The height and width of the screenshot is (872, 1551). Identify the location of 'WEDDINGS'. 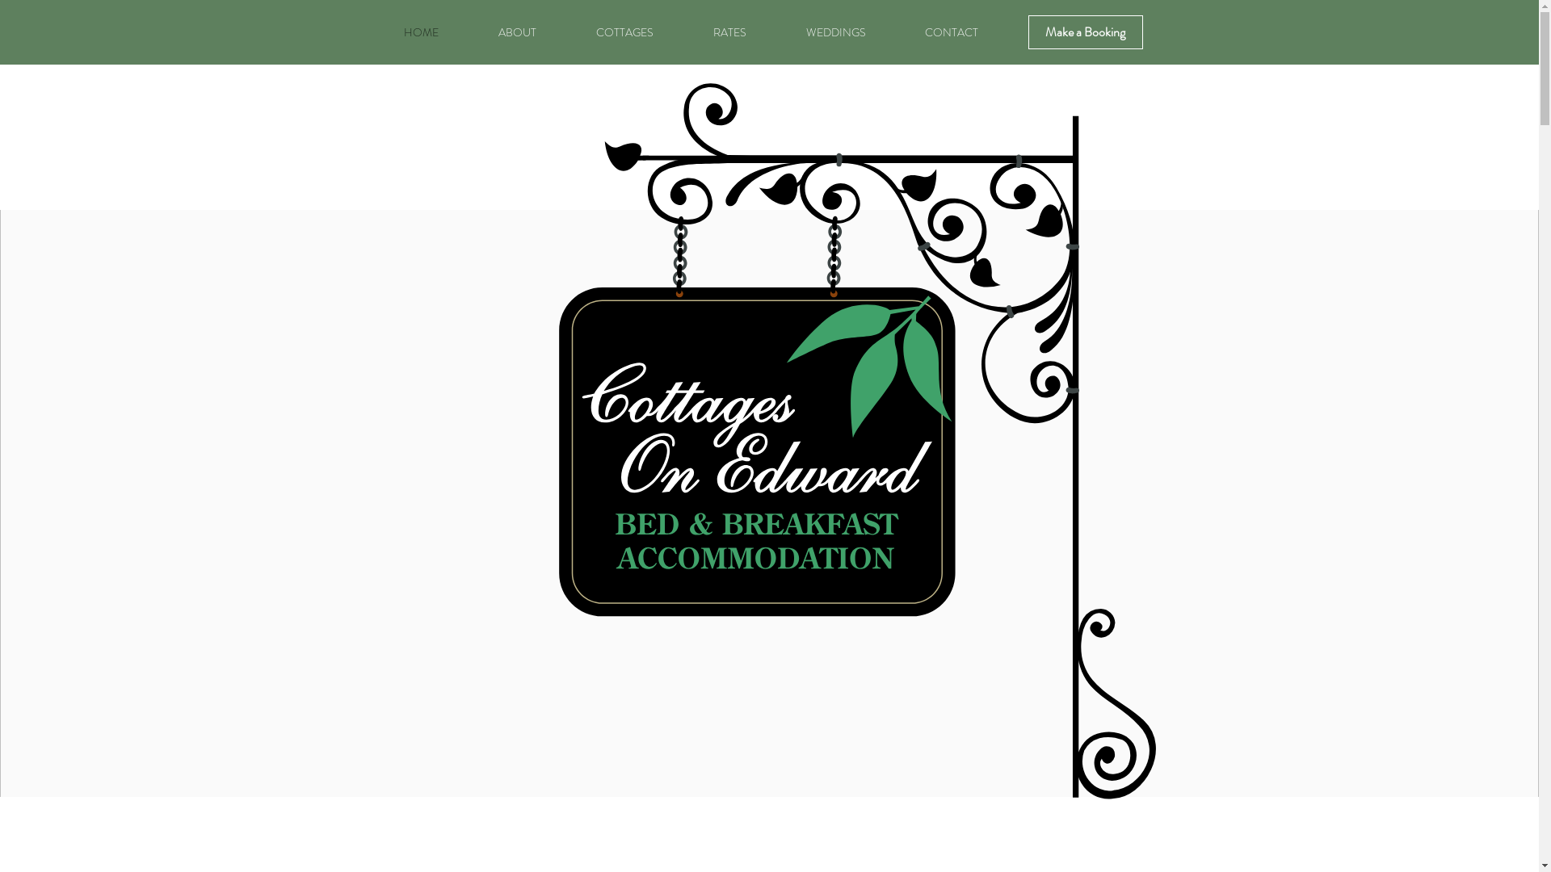
(834, 31).